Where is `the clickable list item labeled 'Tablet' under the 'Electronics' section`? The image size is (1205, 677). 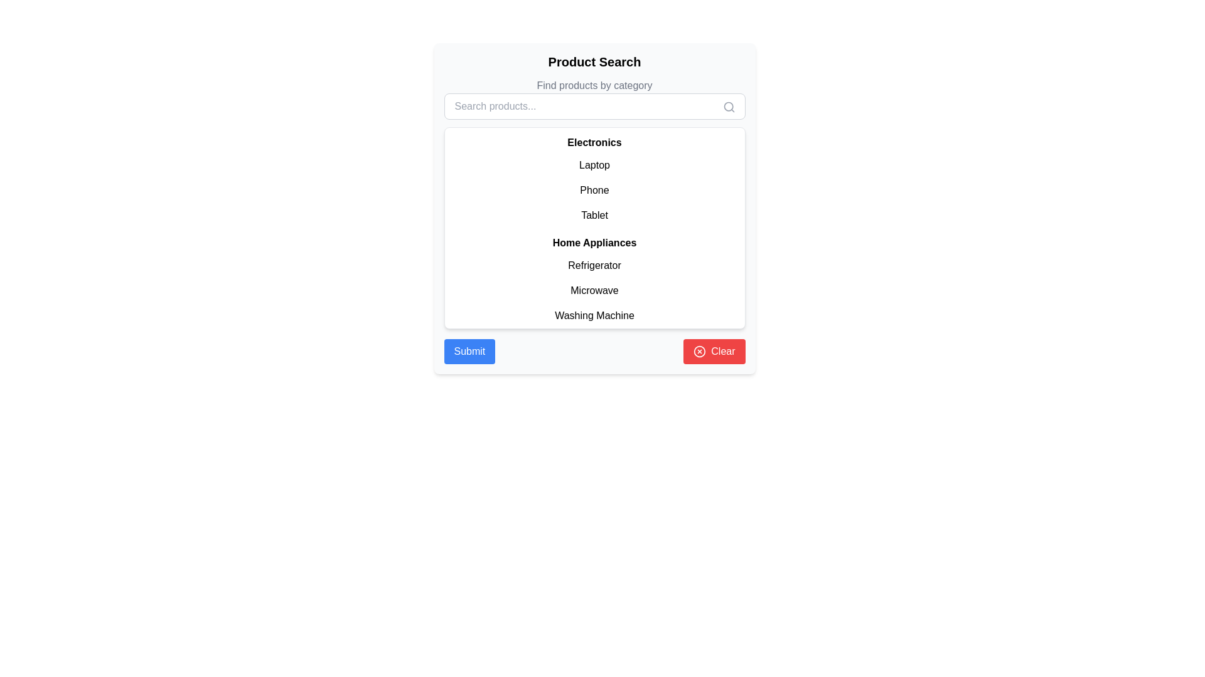 the clickable list item labeled 'Tablet' under the 'Electronics' section is located at coordinates (594, 214).